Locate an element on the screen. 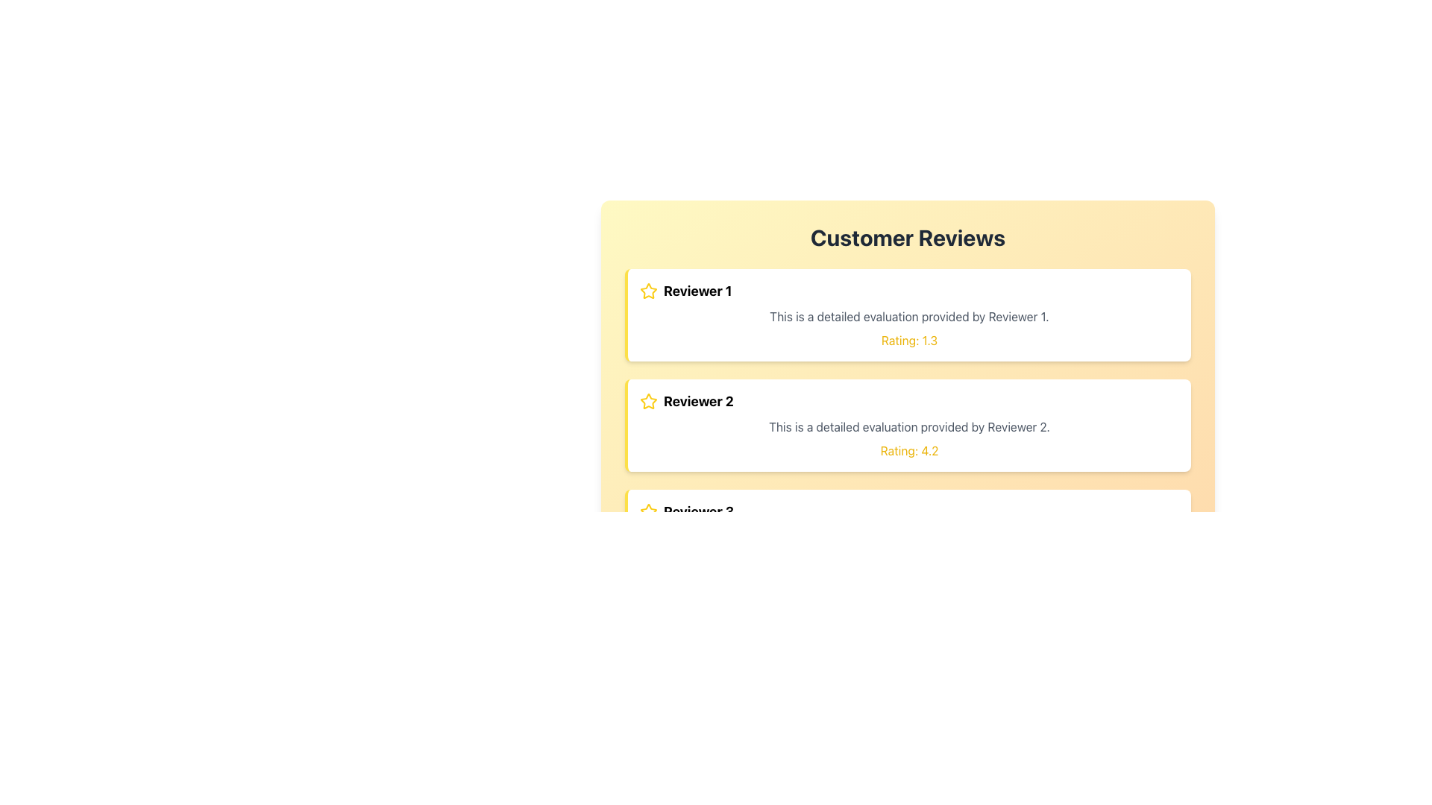 The height and width of the screenshot is (805, 1432). the yellow star icon outlined in black next to 'Reviewer 2' in the second review card is located at coordinates (648, 401).